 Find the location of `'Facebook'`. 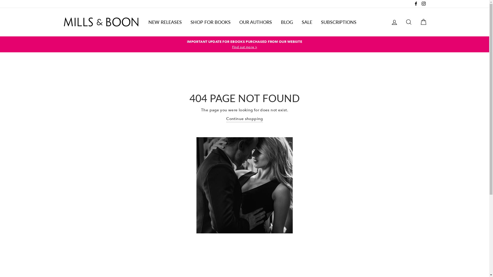

'Facebook' is located at coordinates (416, 4).